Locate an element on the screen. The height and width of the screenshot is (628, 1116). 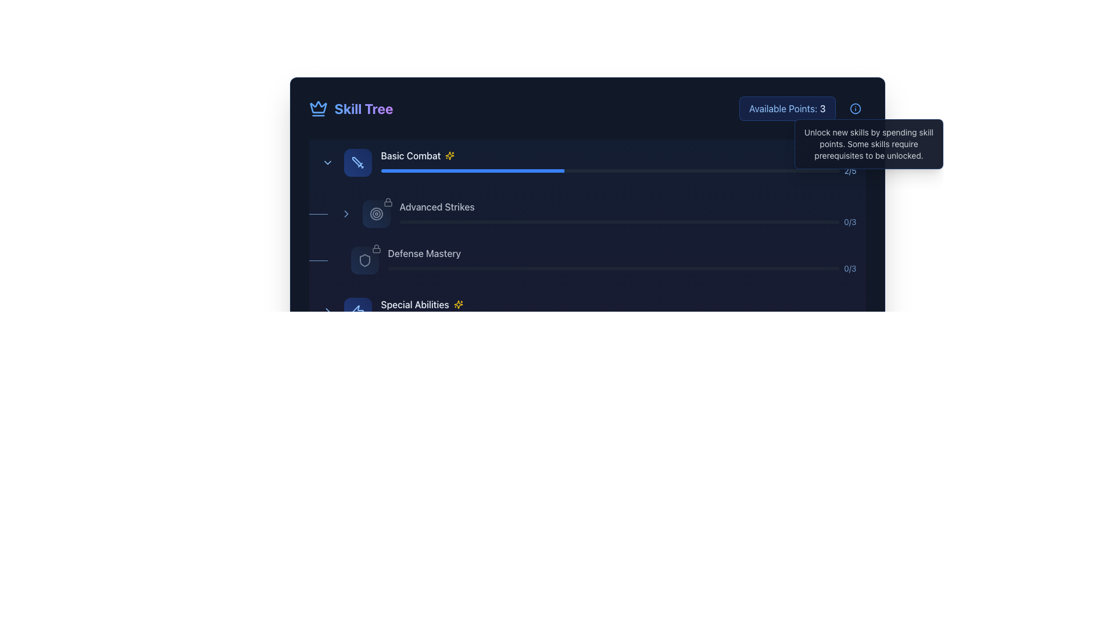
the horizontal progress bar for 'Advanced Strikes' which is currently at 0% progress, displayed in dark gray with a blue segment is located at coordinates (618, 222).